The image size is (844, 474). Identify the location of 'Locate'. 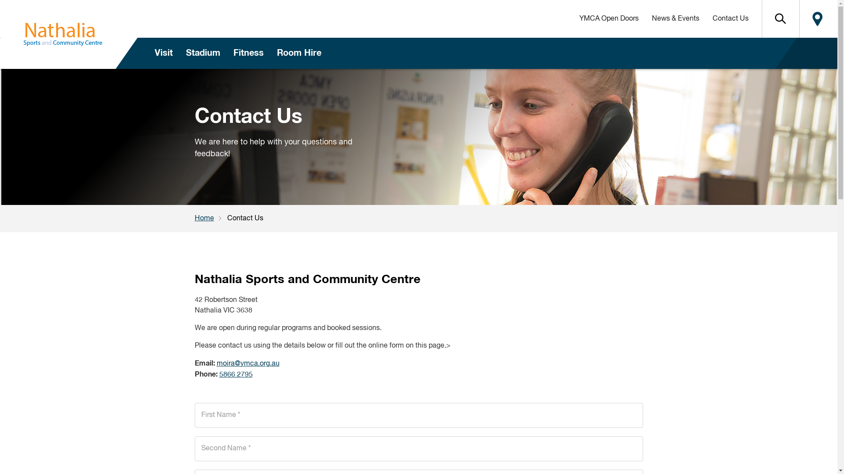
(799, 18).